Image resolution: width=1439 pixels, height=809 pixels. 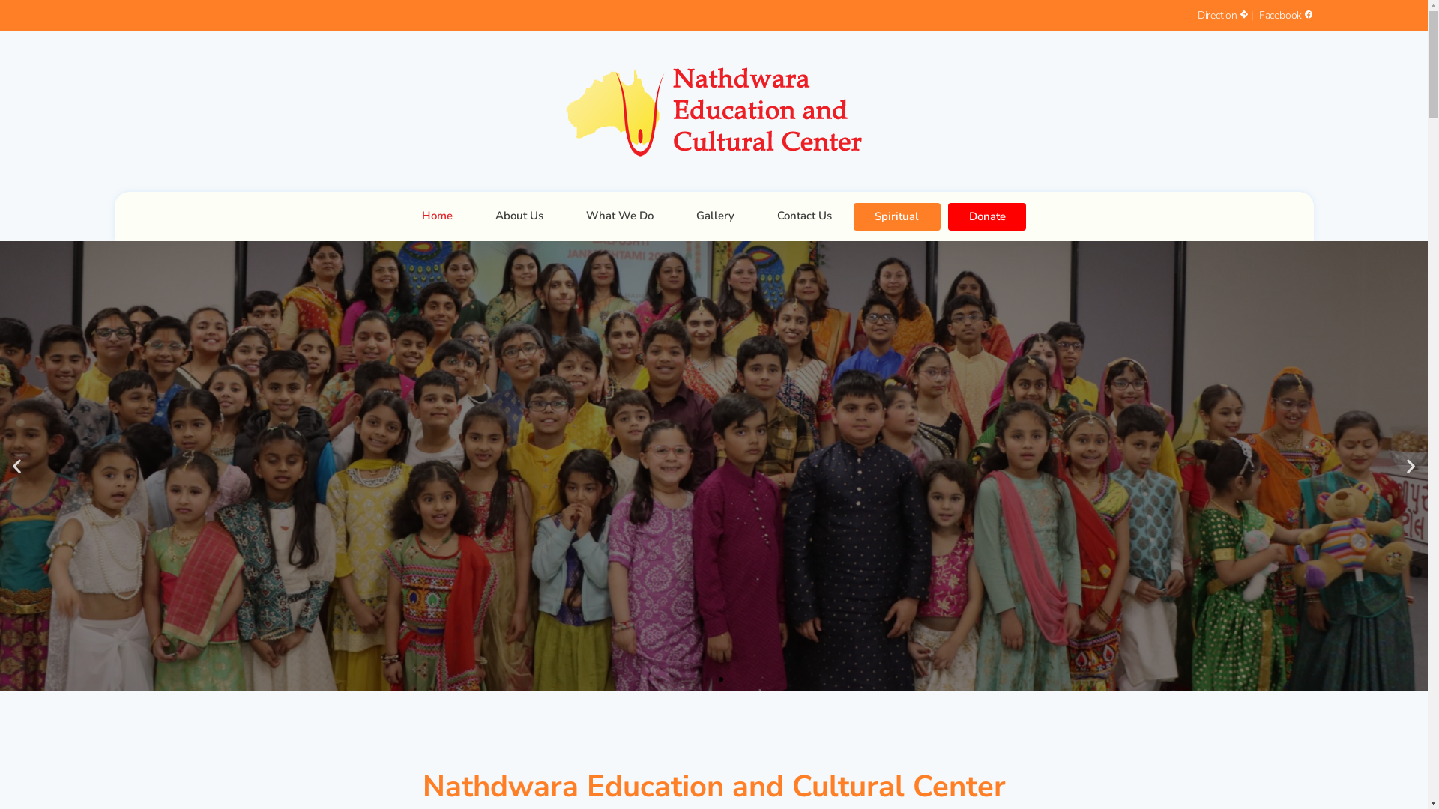 What do you see at coordinates (896, 216) in the screenshot?
I see `'Spiritual'` at bounding box center [896, 216].